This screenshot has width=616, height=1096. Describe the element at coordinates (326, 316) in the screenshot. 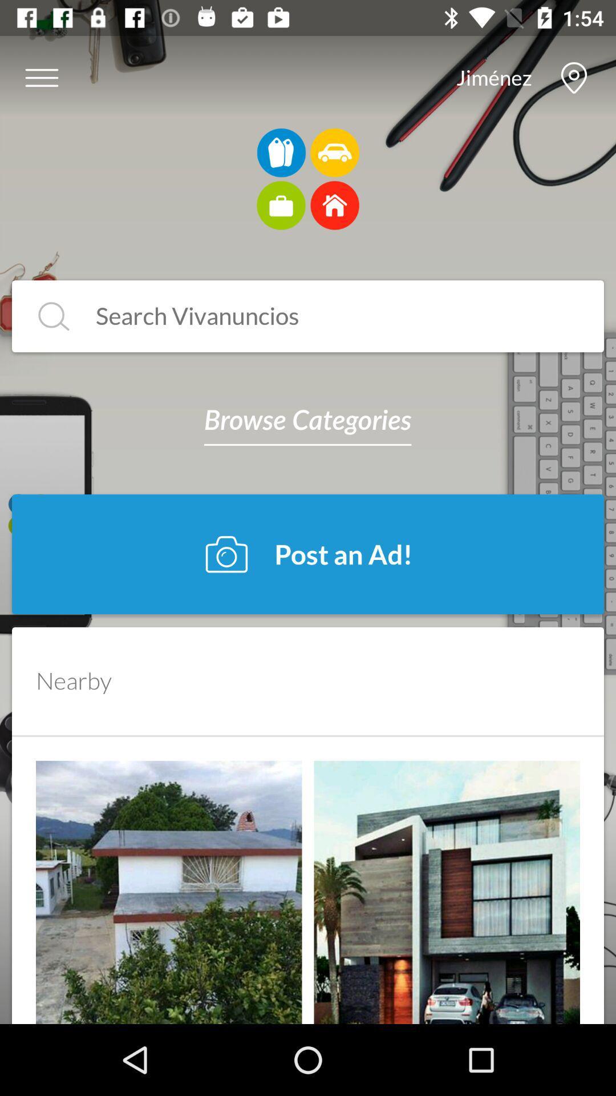

I see `search input box` at that location.